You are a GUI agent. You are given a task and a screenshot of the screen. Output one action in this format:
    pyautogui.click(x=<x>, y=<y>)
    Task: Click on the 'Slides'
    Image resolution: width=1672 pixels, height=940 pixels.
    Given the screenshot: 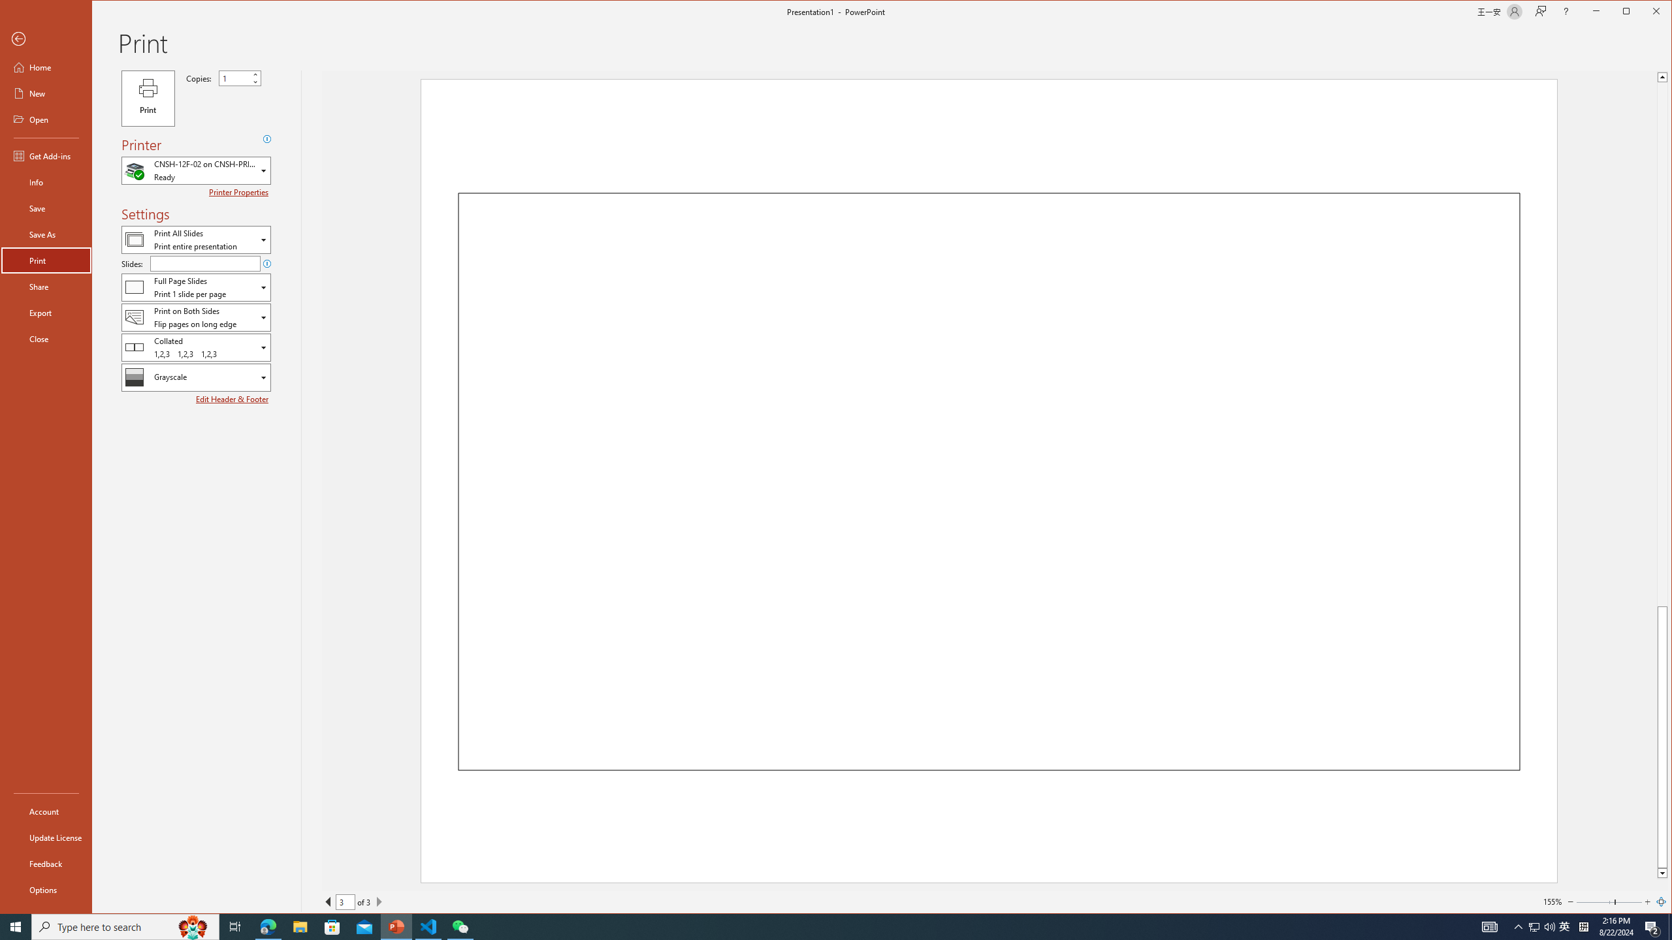 What is the action you would take?
    pyautogui.click(x=204, y=262)
    